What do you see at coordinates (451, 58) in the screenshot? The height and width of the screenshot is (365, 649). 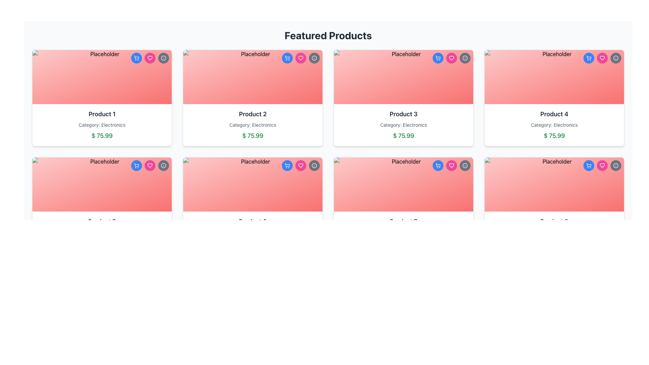 I see `the second circular button in the upper-right corner of the 'Product 3' card to mark the product as a favorite or add it to a wishlist` at bounding box center [451, 58].